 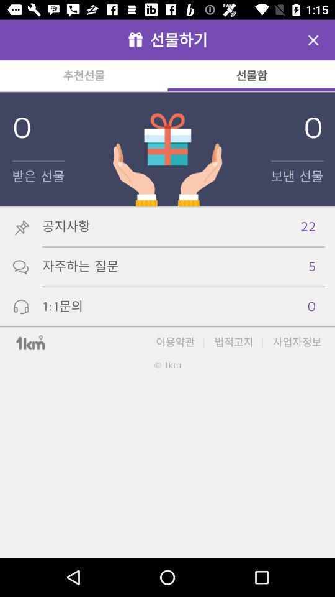 What do you see at coordinates (313, 40) in the screenshot?
I see `app` at bounding box center [313, 40].